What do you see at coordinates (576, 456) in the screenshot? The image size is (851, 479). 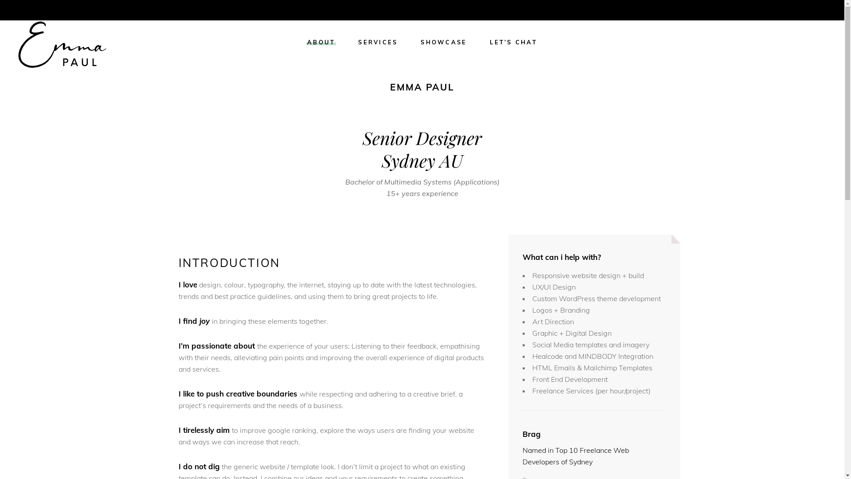 I see `'Named in Top 10 Freelance Web Developers of Sydney'` at bounding box center [576, 456].